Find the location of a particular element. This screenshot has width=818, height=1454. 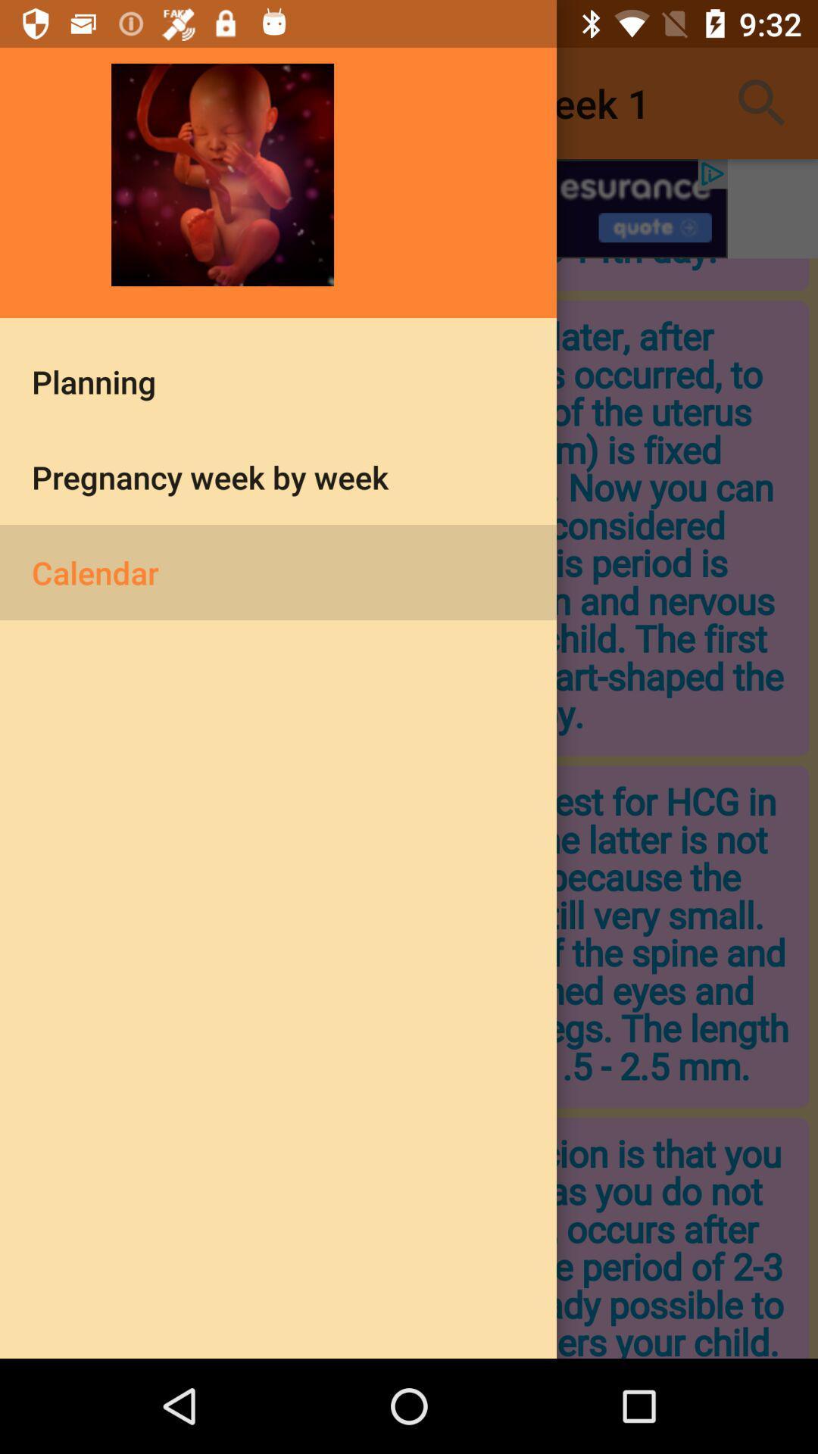

click advertisement is located at coordinates (409, 207).